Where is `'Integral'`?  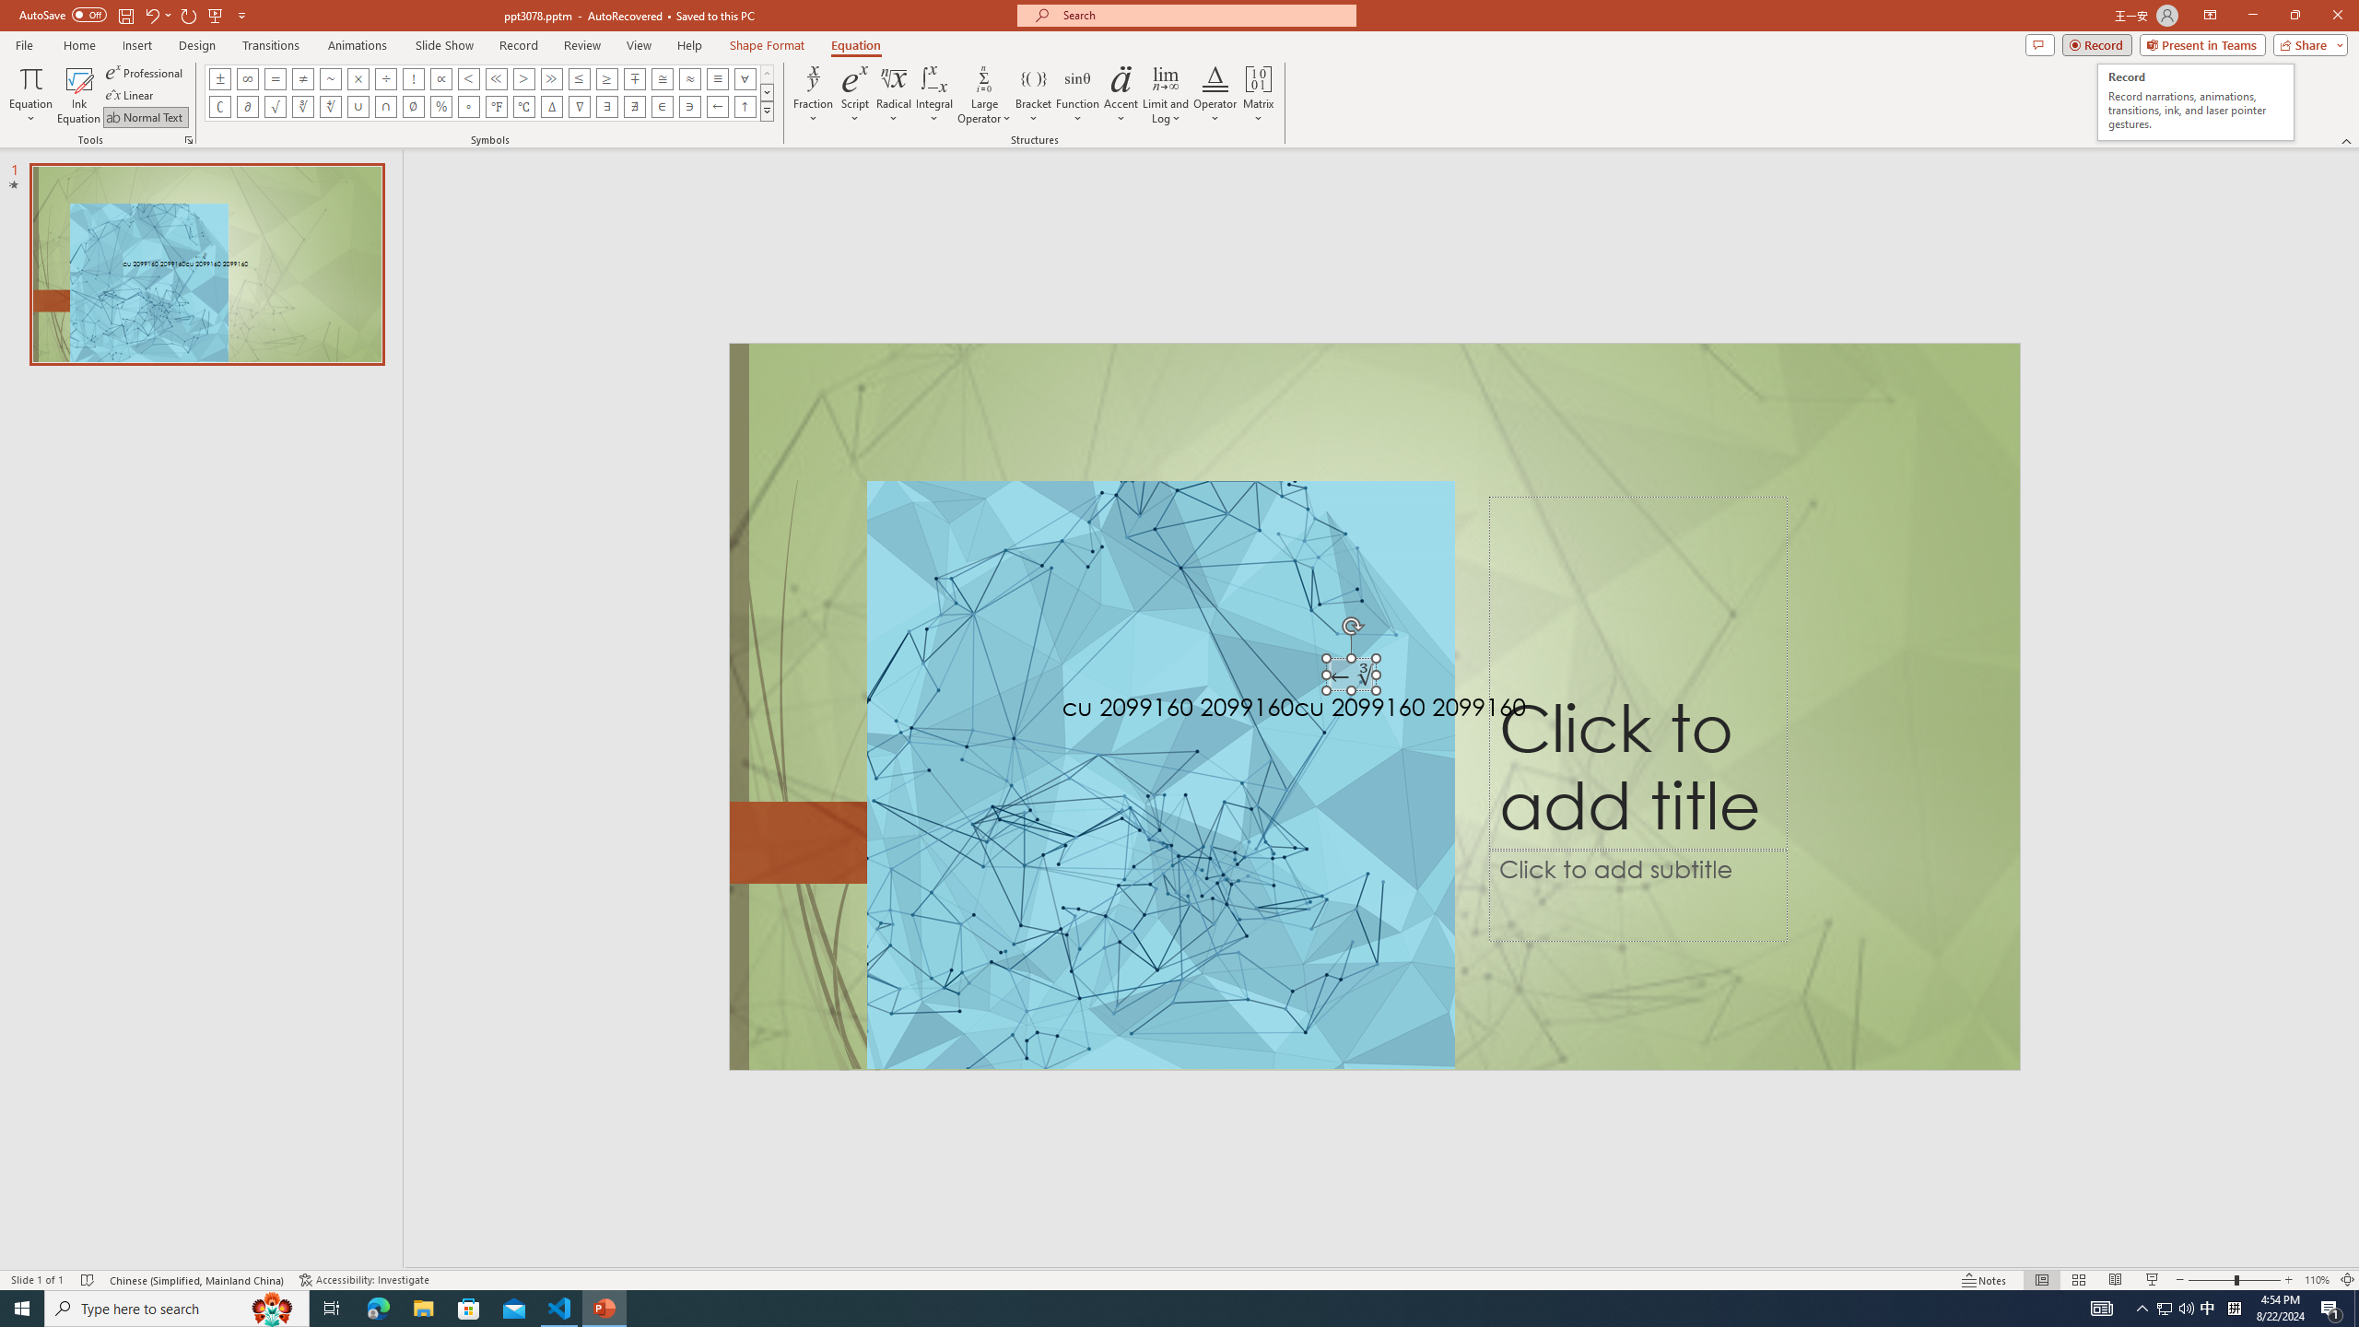 'Integral' is located at coordinates (935, 95).